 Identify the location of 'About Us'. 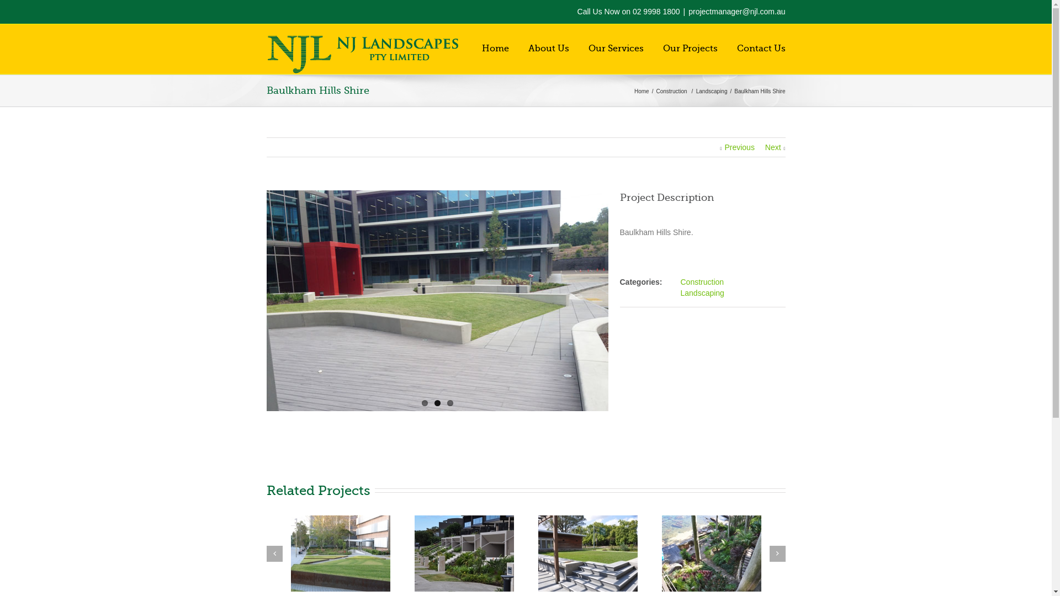
(527, 47).